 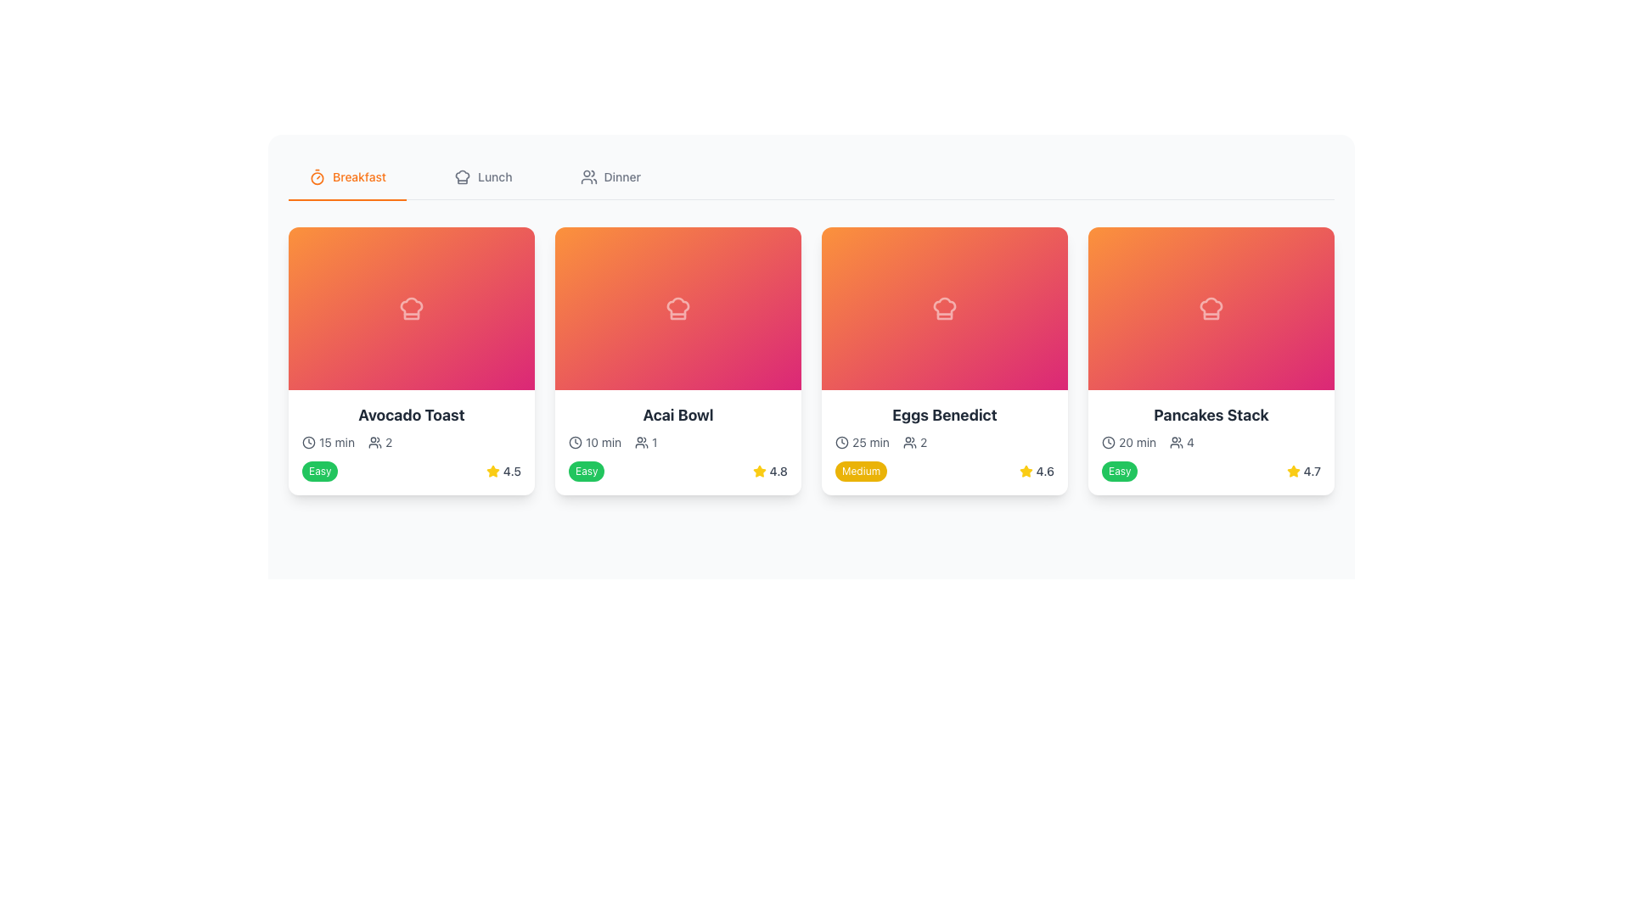 I want to click on numeric rating value displayed as '4.6' in the text label immediately following the star icon in the third card of the grid for the 'Eggs Benedict' item, so click(x=1044, y=471).